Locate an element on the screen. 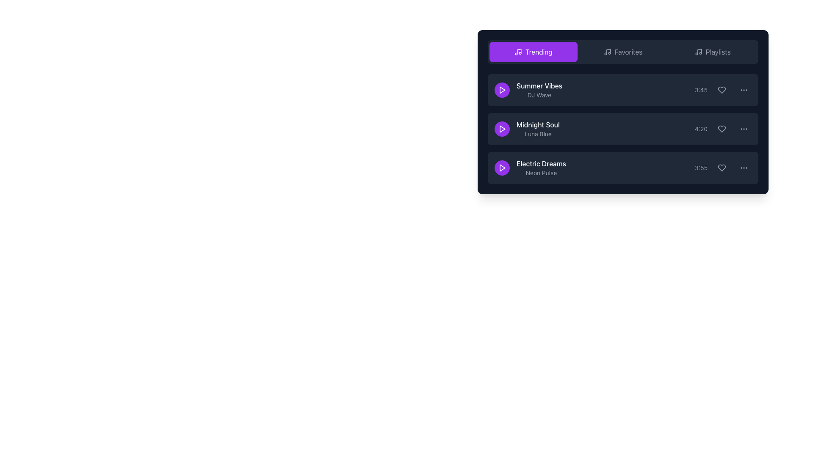 Image resolution: width=813 pixels, height=457 pixels. the Overflow menu button represented by three vertical dots located to the far right of the song 'Electric Dreams' is located at coordinates (743, 168).